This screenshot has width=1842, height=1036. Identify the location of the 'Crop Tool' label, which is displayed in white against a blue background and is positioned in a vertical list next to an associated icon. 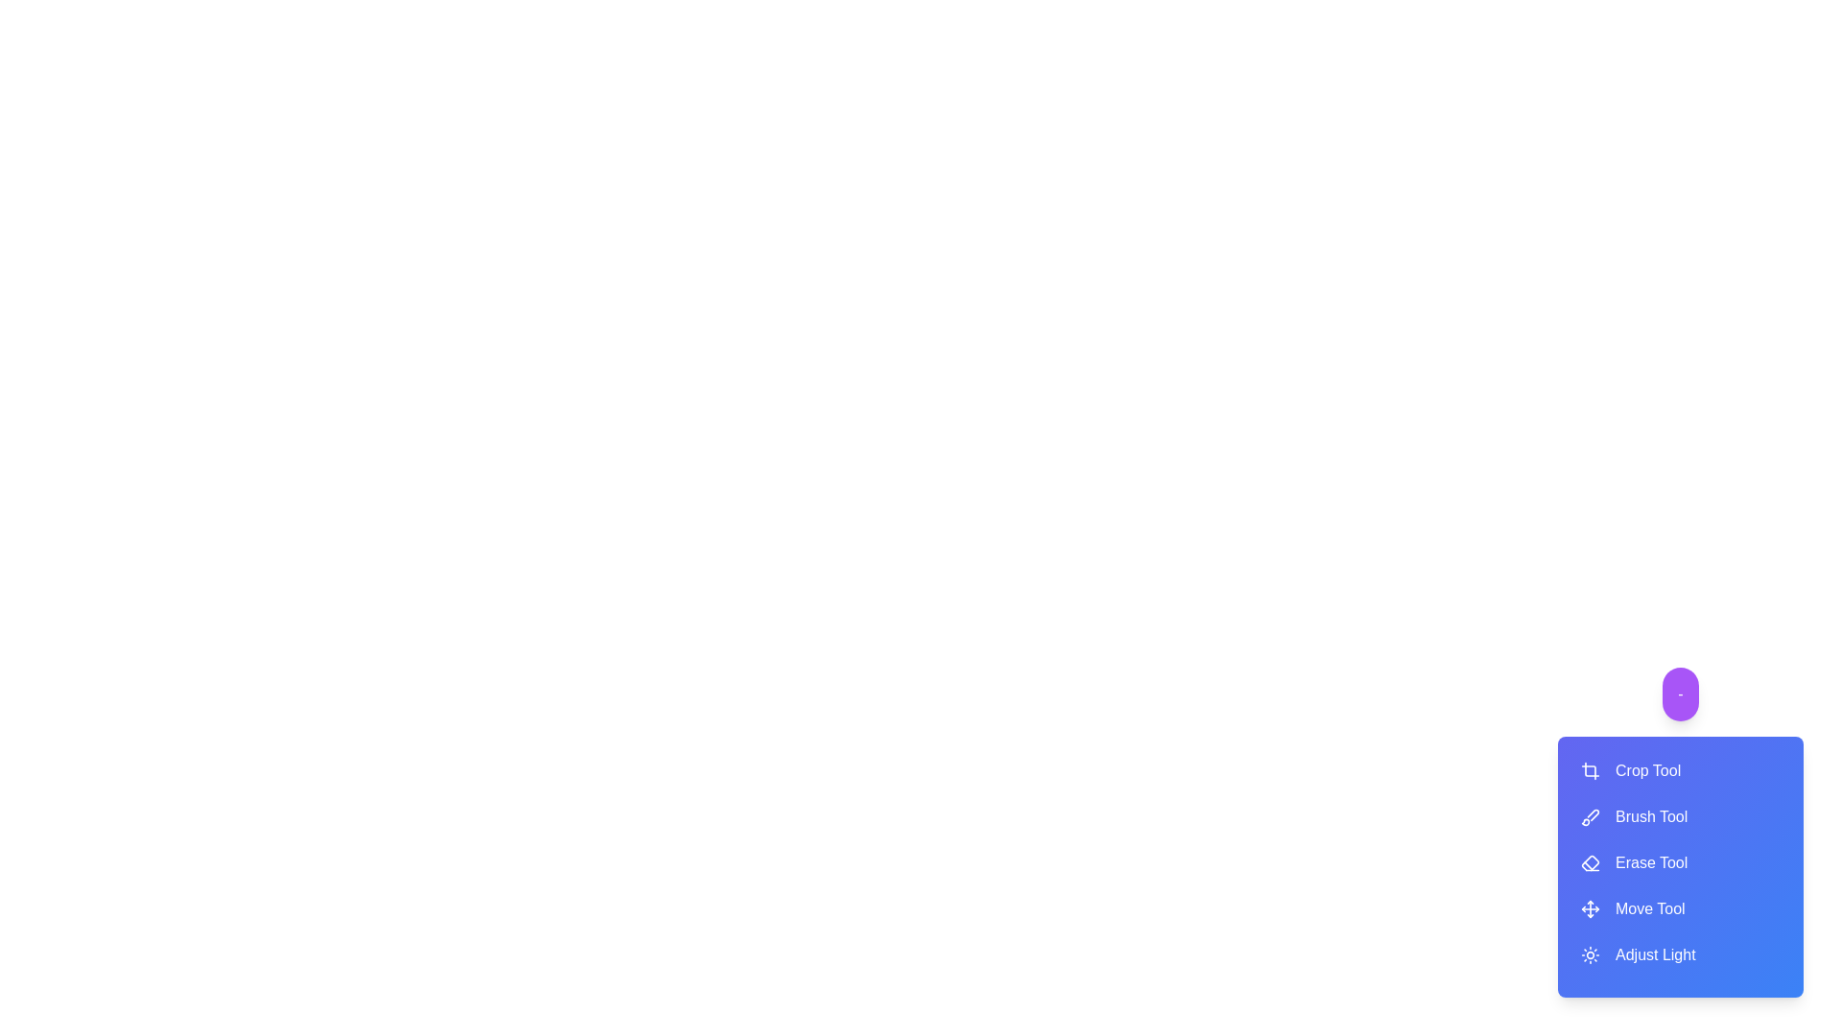
(1647, 769).